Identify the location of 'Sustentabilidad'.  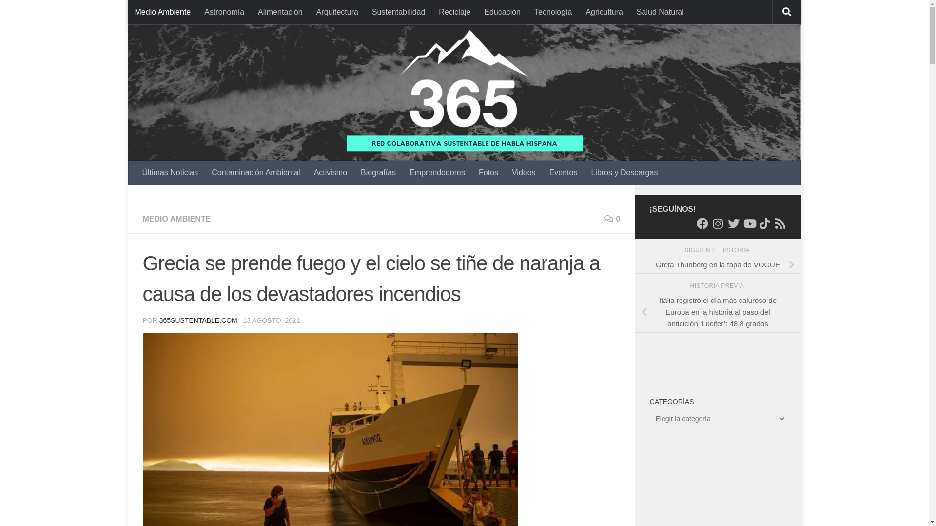
(398, 12).